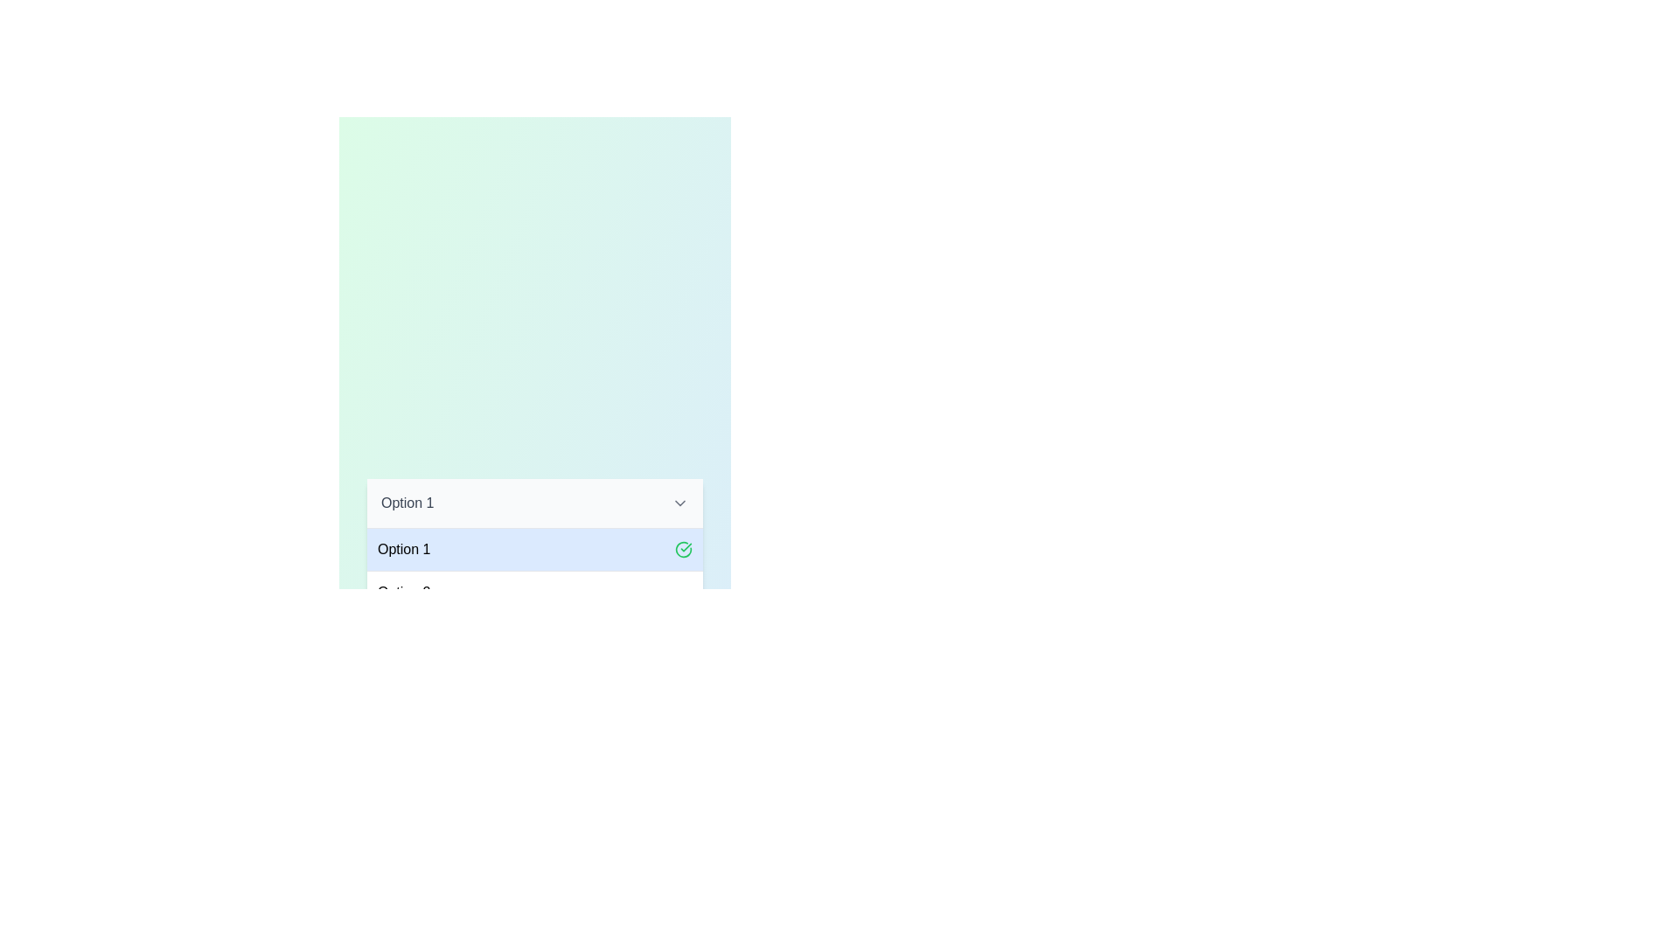  What do you see at coordinates (679, 503) in the screenshot?
I see `the dropdown toggle to toggle its visibility` at bounding box center [679, 503].